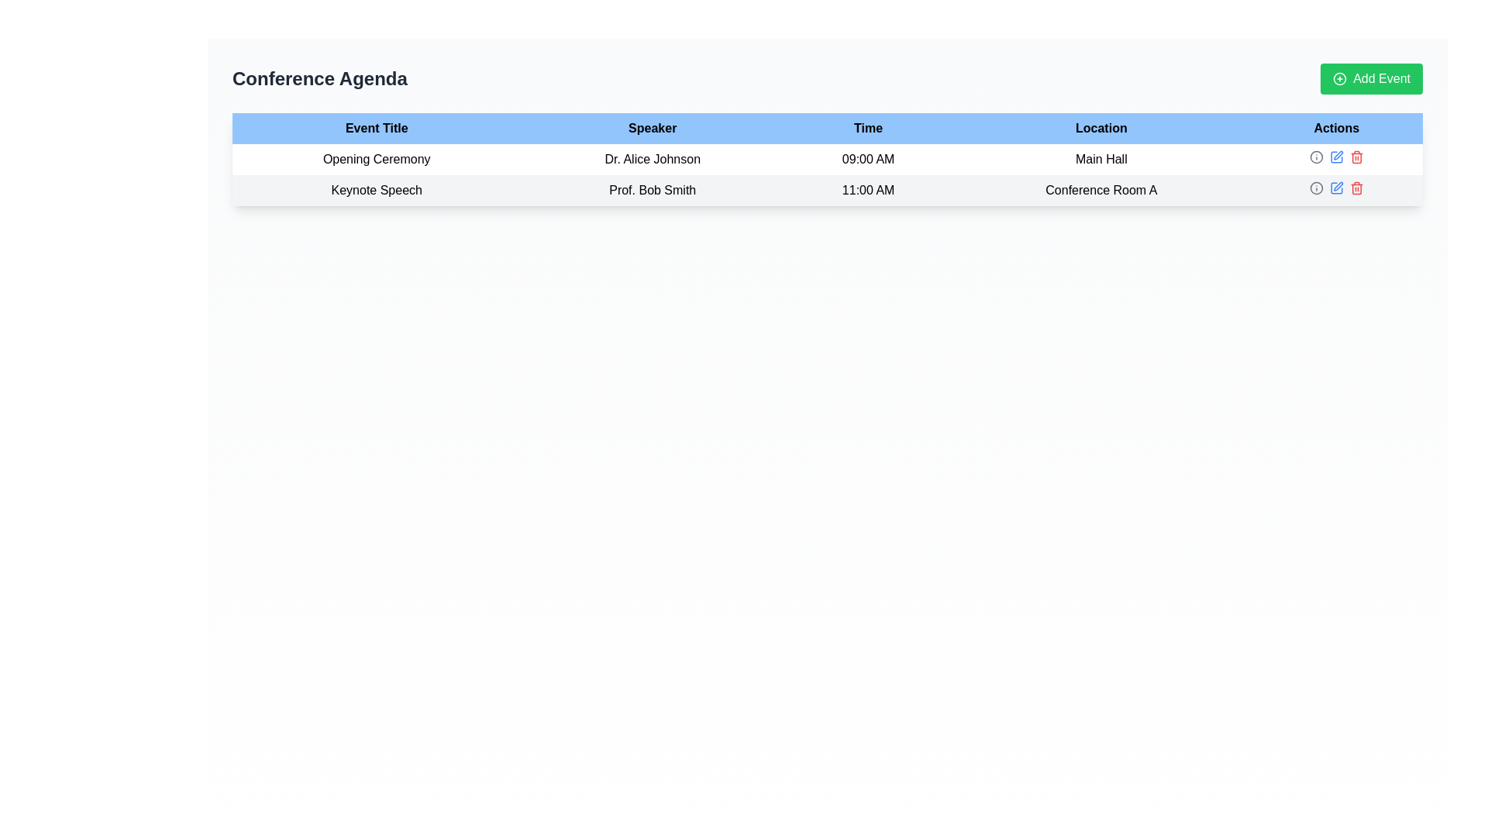 This screenshot has height=837, width=1488. Describe the element at coordinates (653, 127) in the screenshot. I see `the centered text label 'Speaker' which is in the second column of the table header, between 'Event Title' and 'Time', featuring bold black font on a light blue background` at that location.